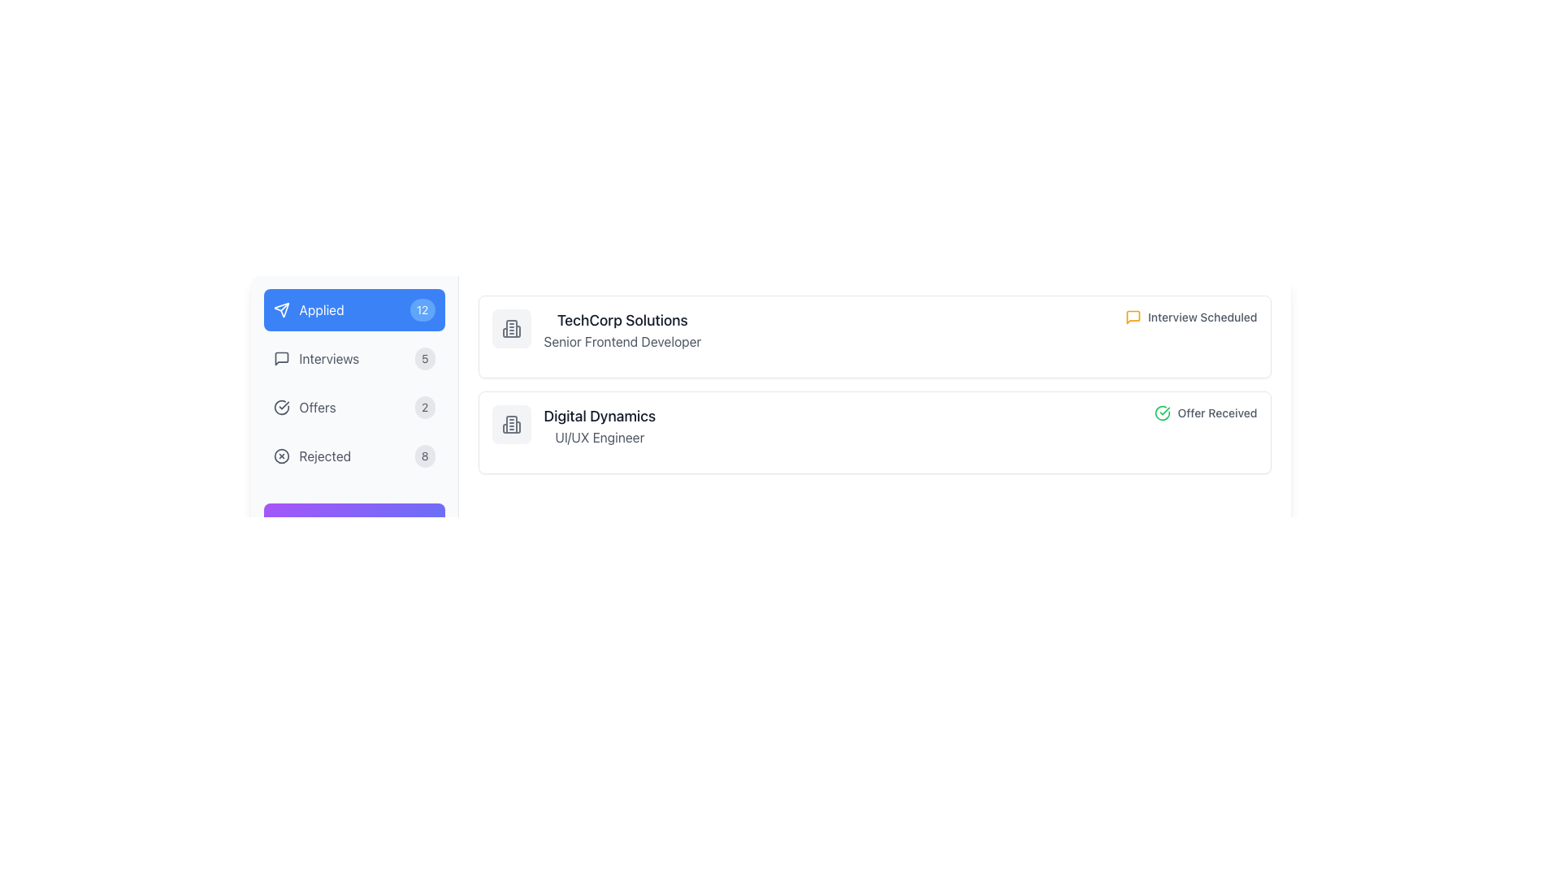 This screenshot has width=1560, height=877. What do you see at coordinates (308, 309) in the screenshot?
I see `the 'Applied' section indicator, which is the first element in the left sidebar menu of the job application tracker` at bounding box center [308, 309].